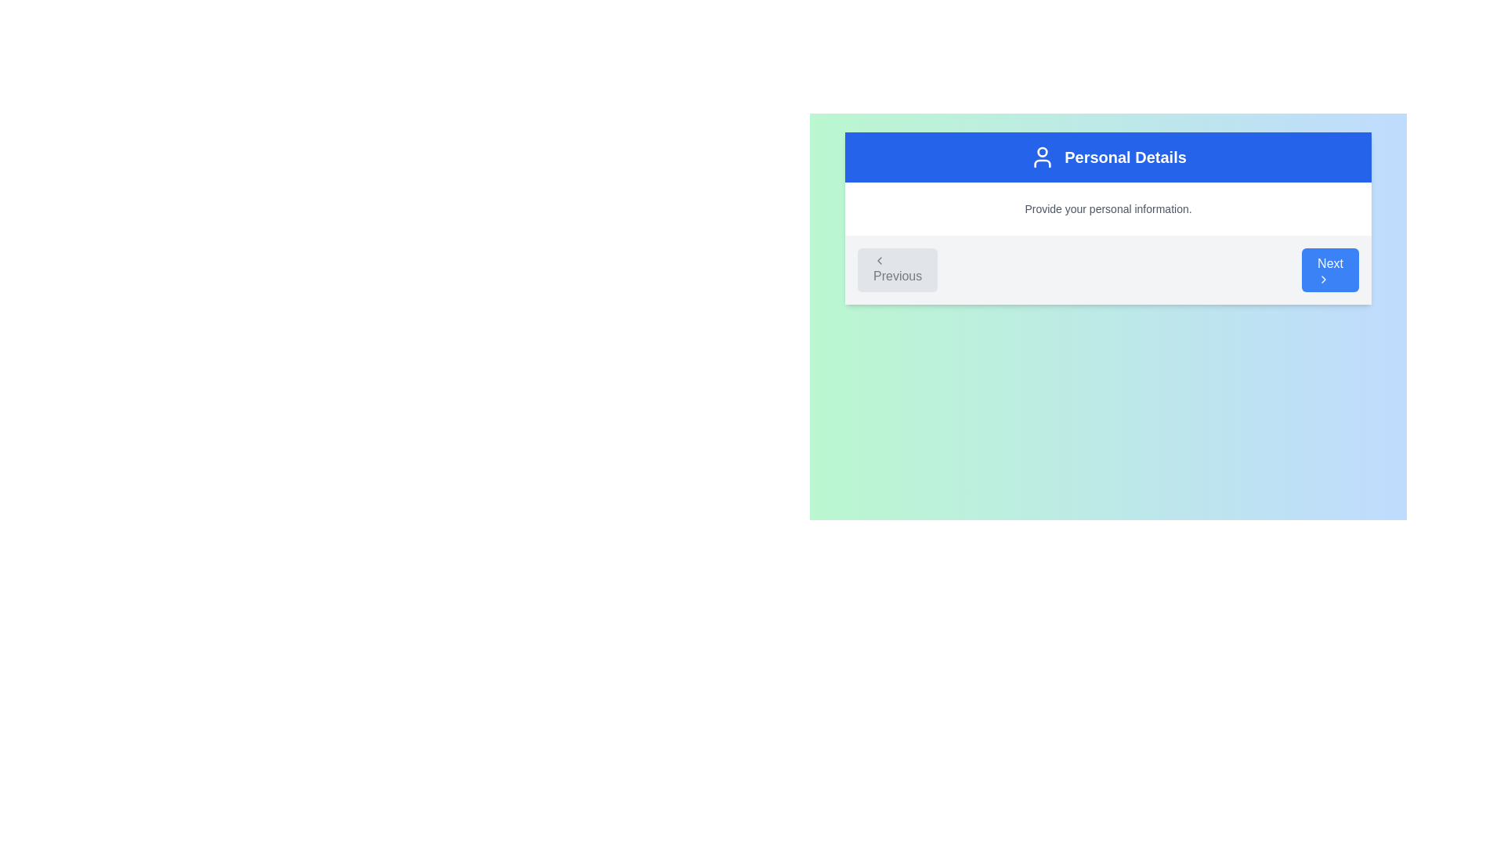 The image size is (1504, 846). Describe the element at coordinates (1329, 269) in the screenshot. I see `the navigation button located on the far right of the horizontal bar to proceed to the next step` at that location.